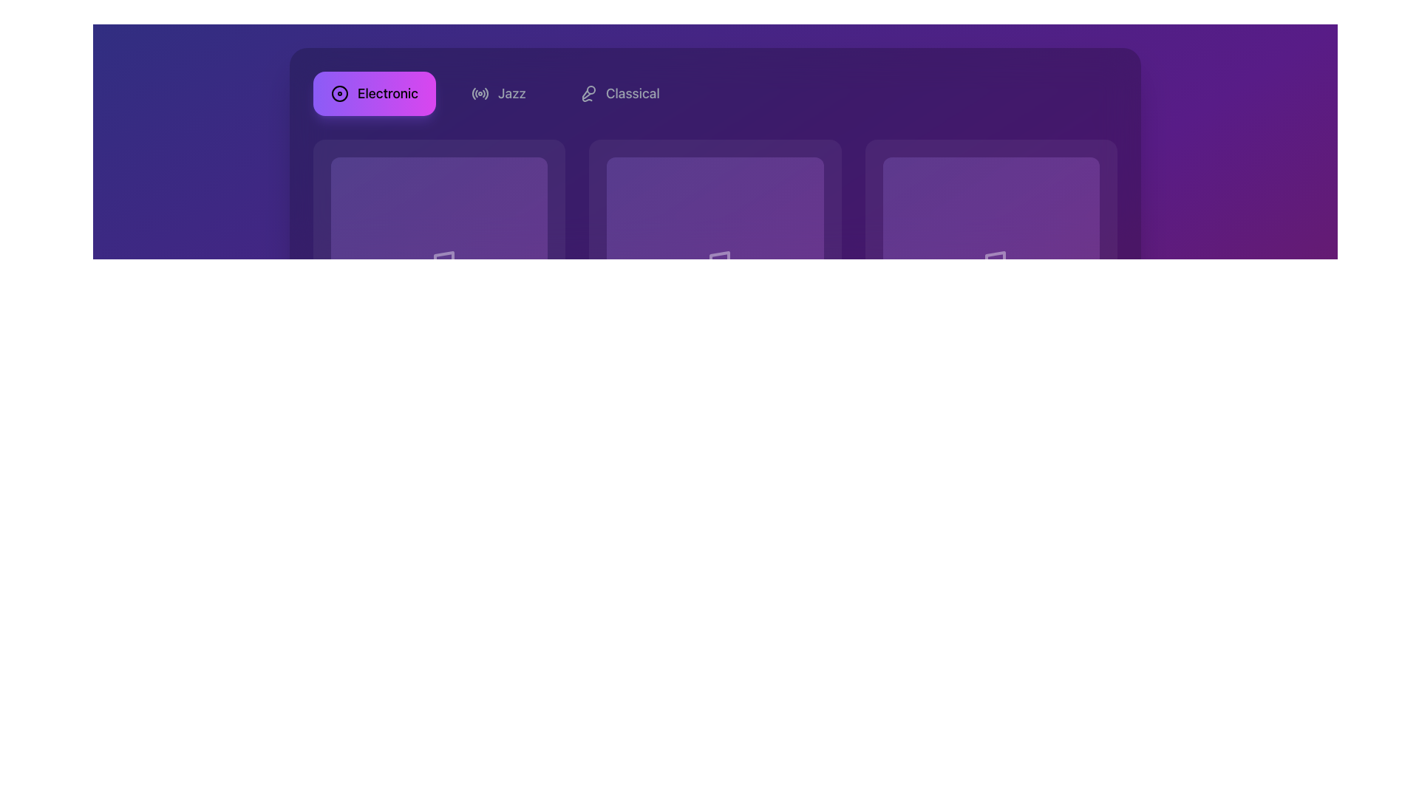 The height and width of the screenshot is (798, 1419). I want to click on the text label indicating the 'Electronic' genre, which is positioned to the right of an icon resembling a disc in a highlighted box among other genre buttons, so click(387, 94).